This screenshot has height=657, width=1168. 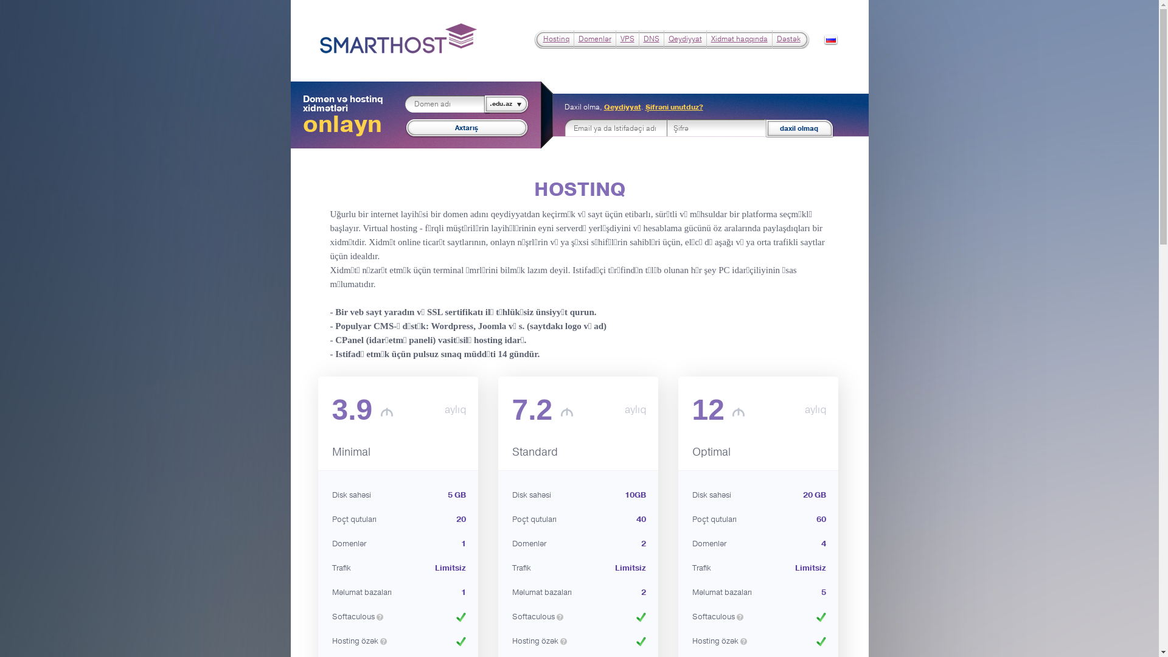 I want to click on 'VPS', so click(x=627, y=38).